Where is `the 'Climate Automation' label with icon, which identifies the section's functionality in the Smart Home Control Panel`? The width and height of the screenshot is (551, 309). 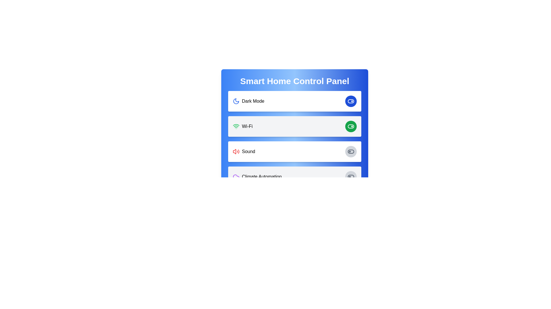 the 'Climate Automation' label with icon, which identifies the section's functionality in the Smart Home Control Panel is located at coordinates (257, 176).